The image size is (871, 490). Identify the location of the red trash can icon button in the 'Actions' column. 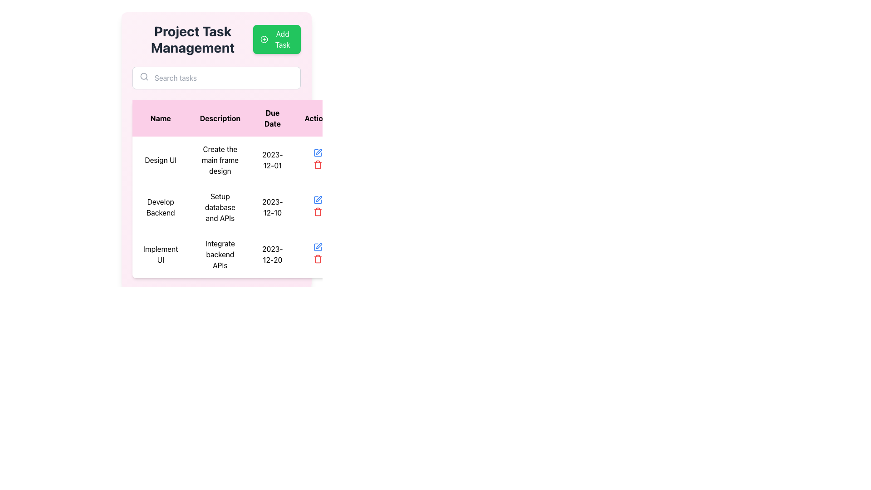
(318, 259).